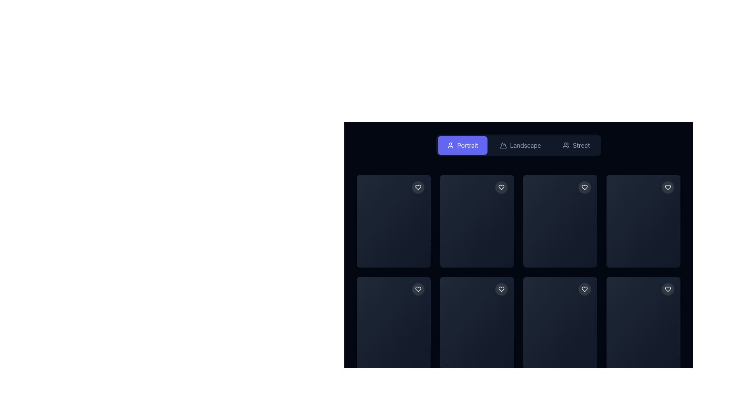  Describe the element at coordinates (584, 187) in the screenshot. I see `the heart icon in the second row and third column of the grid to like the item` at that location.